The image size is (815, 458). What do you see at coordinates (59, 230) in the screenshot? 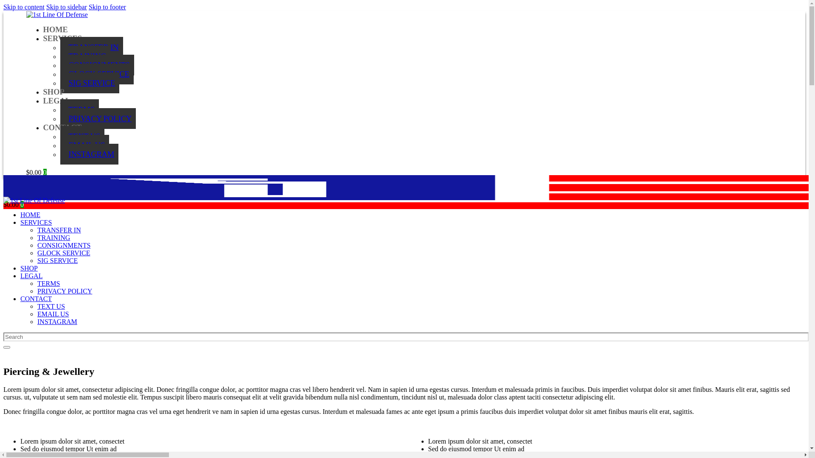
I see `'TRANSFER IN'` at bounding box center [59, 230].